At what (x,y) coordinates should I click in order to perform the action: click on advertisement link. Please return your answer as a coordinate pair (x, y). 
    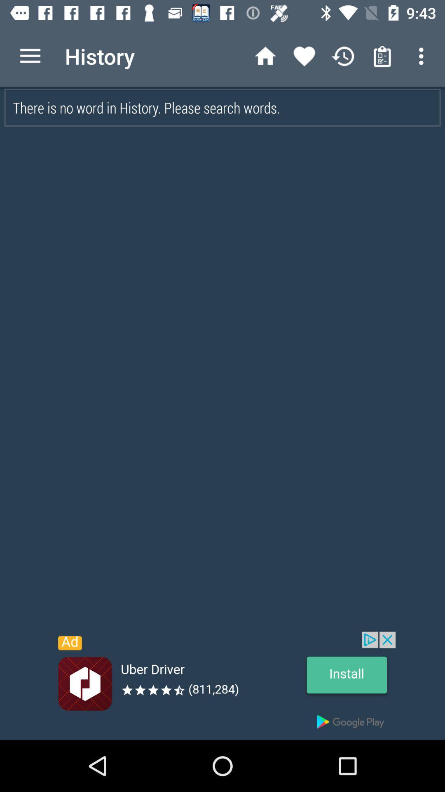
    Looking at the image, I should click on (222, 686).